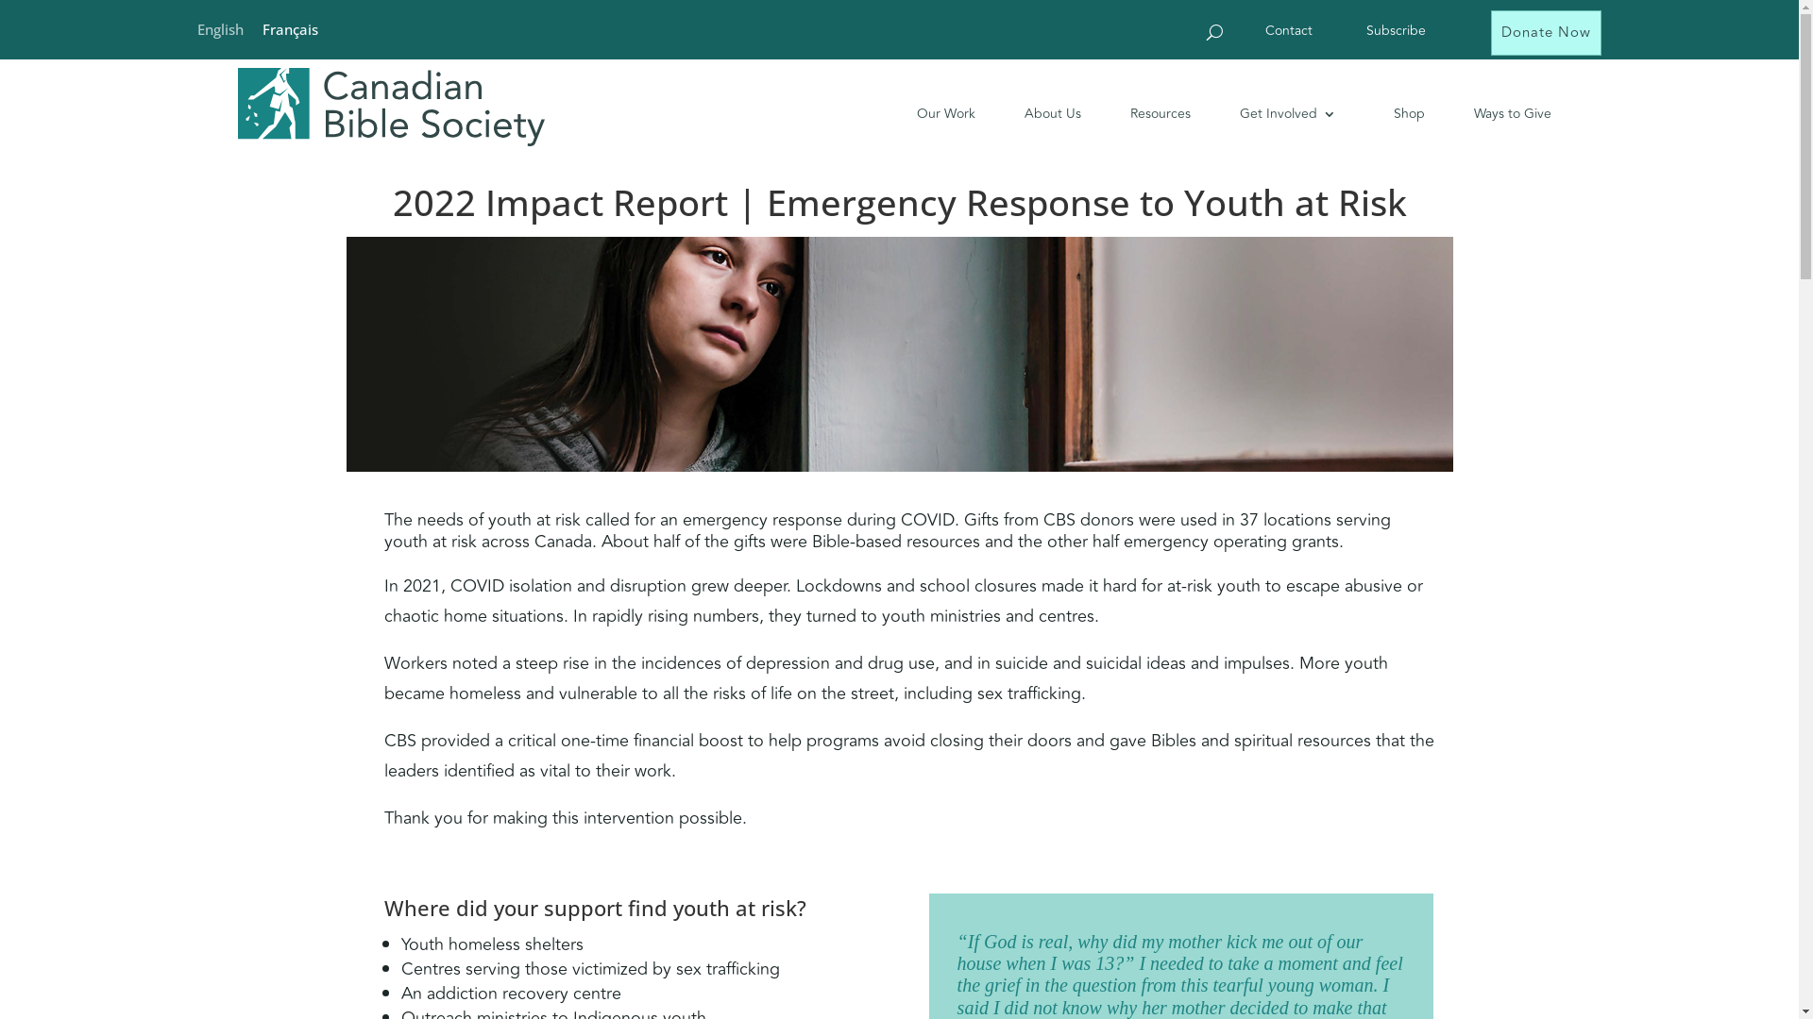  I want to click on 'Shop', so click(1395, 113).